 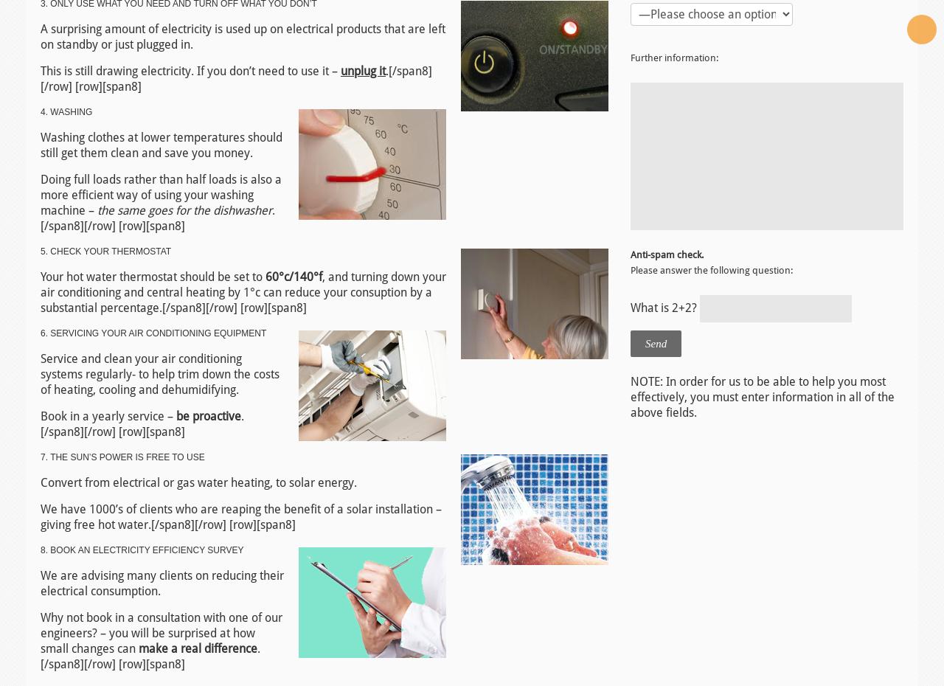 What do you see at coordinates (243, 35) in the screenshot?
I see `'A surprising amount of electricity is used up on electrical products that are left on standby or just plugged in.'` at bounding box center [243, 35].